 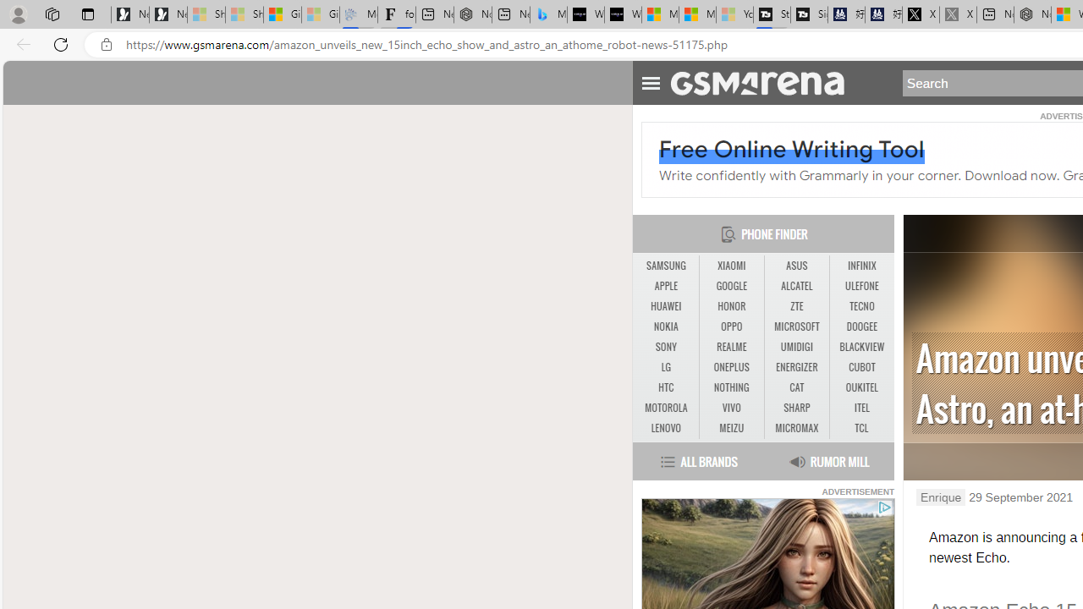 I want to click on 'ITEL', so click(x=861, y=408).